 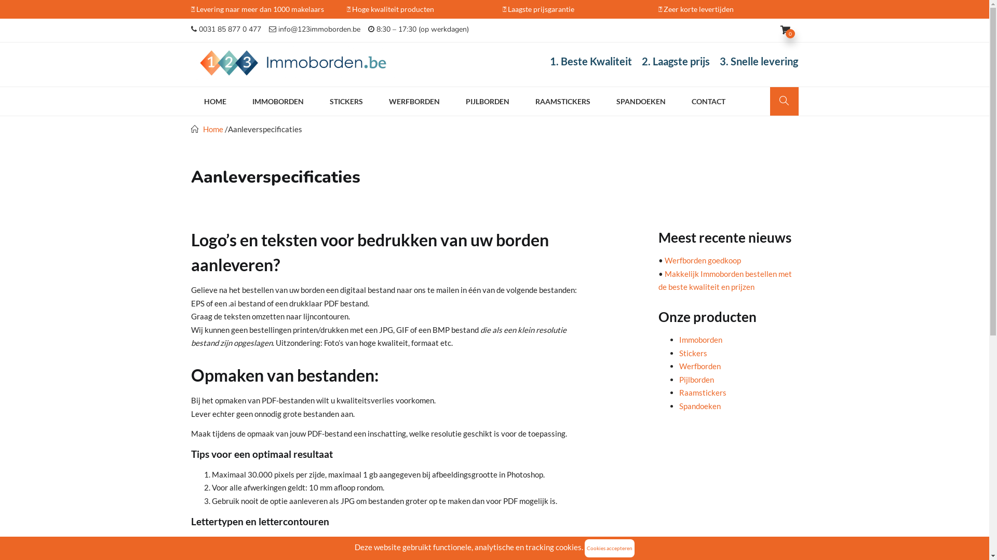 What do you see at coordinates (696, 379) in the screenshot?
I see `'Pijlborden'` at bounding box center [696, 379].